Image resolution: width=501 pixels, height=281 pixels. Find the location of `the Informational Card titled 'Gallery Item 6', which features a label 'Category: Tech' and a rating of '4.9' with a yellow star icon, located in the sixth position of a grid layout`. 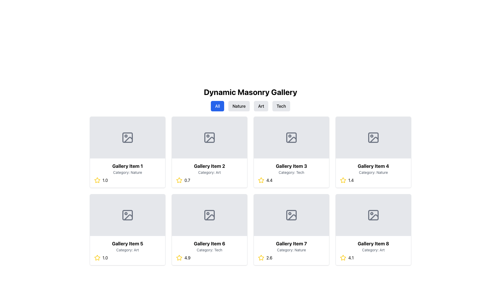

the Informational Card titled 'Gallery Item 6', which features a label 'Category: Tech' and a rating of '4.9' with a yellow star icon, located in the sixth position of a grid layout is located at coordinates (209, 250).